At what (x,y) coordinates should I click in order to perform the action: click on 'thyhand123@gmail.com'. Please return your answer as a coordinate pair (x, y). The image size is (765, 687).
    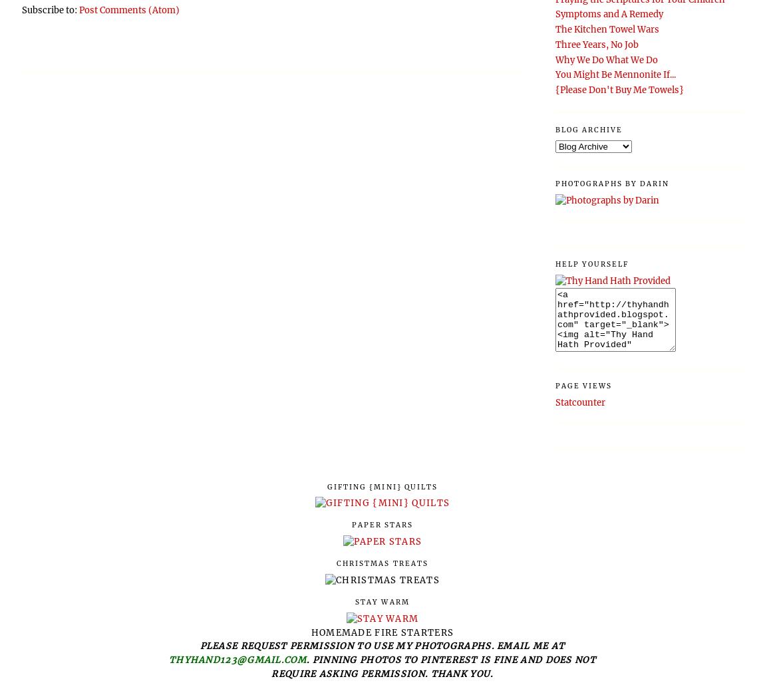
    Looking at the image, I should click on (237, 659).